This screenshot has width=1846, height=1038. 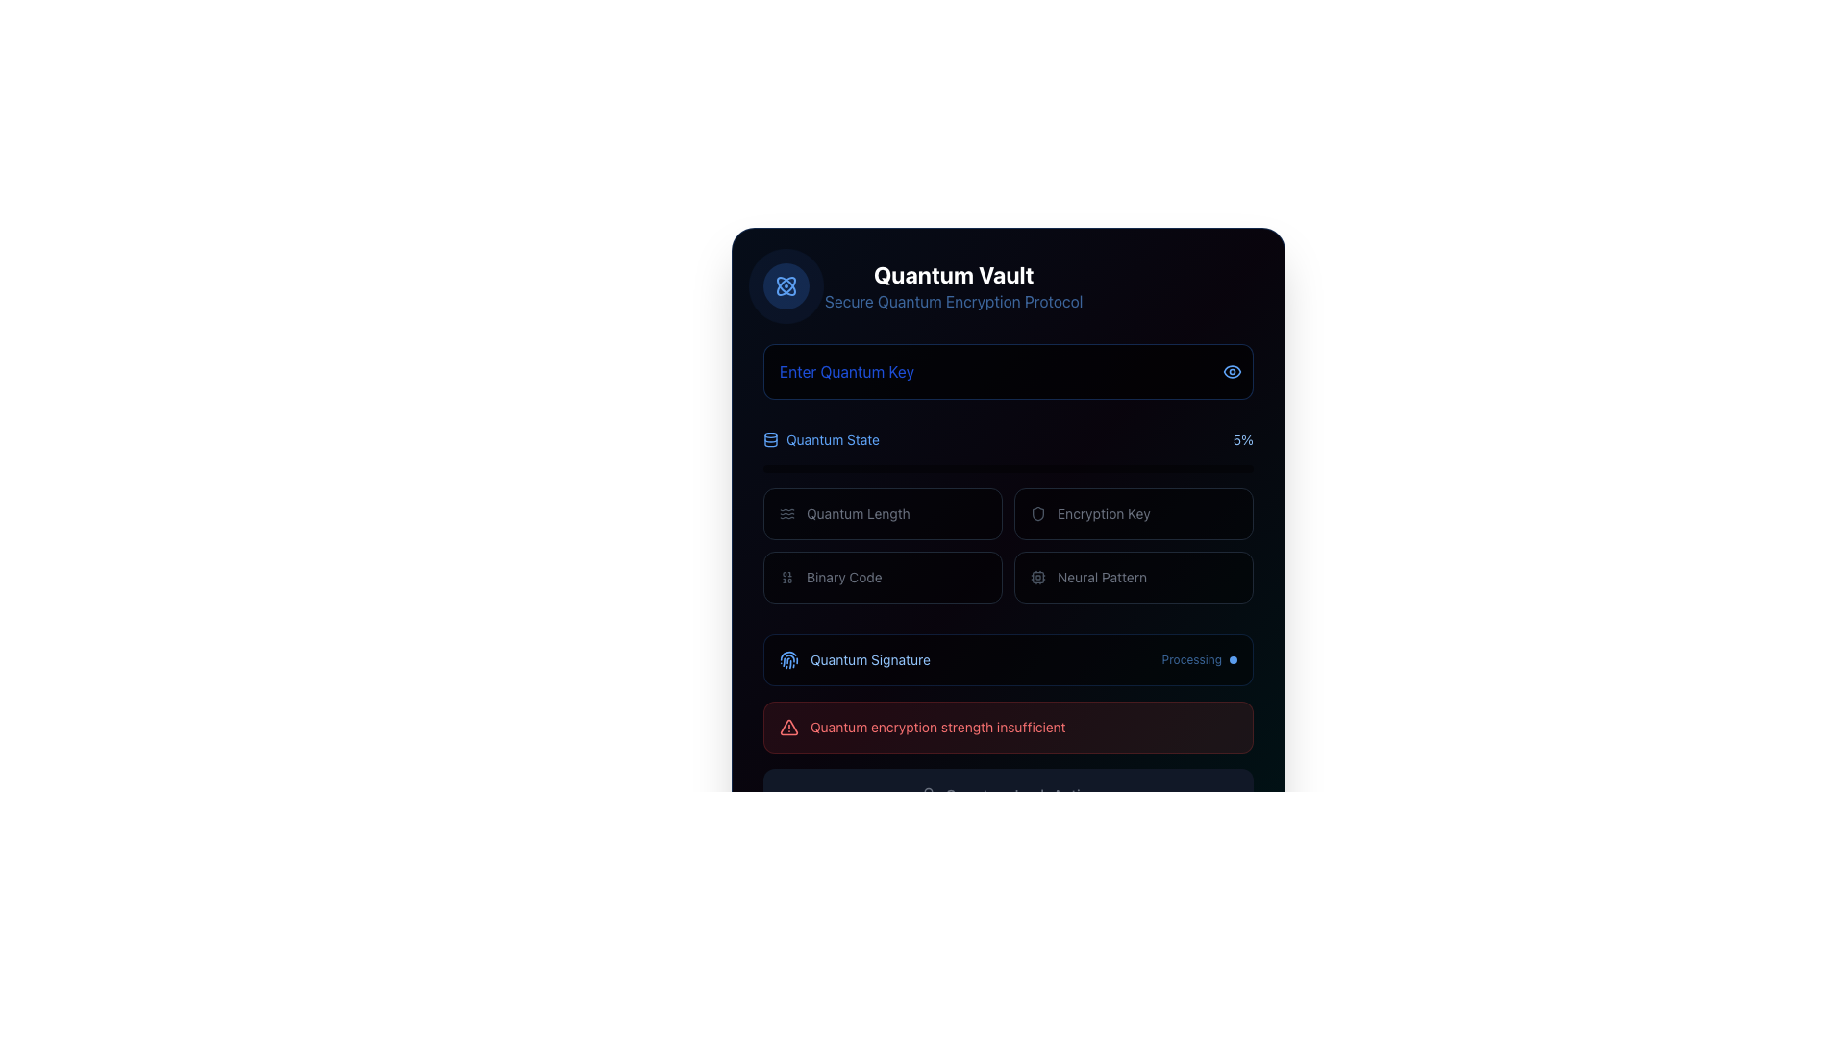 What do you see at coordinates (1232, 371) in the screenshot?
I see `the SVG Shape that is part of the Eye Icon used for toggling visibility, located to the right of the 'Enter Quantum Key' input field` at bounding box center [1232, 371].